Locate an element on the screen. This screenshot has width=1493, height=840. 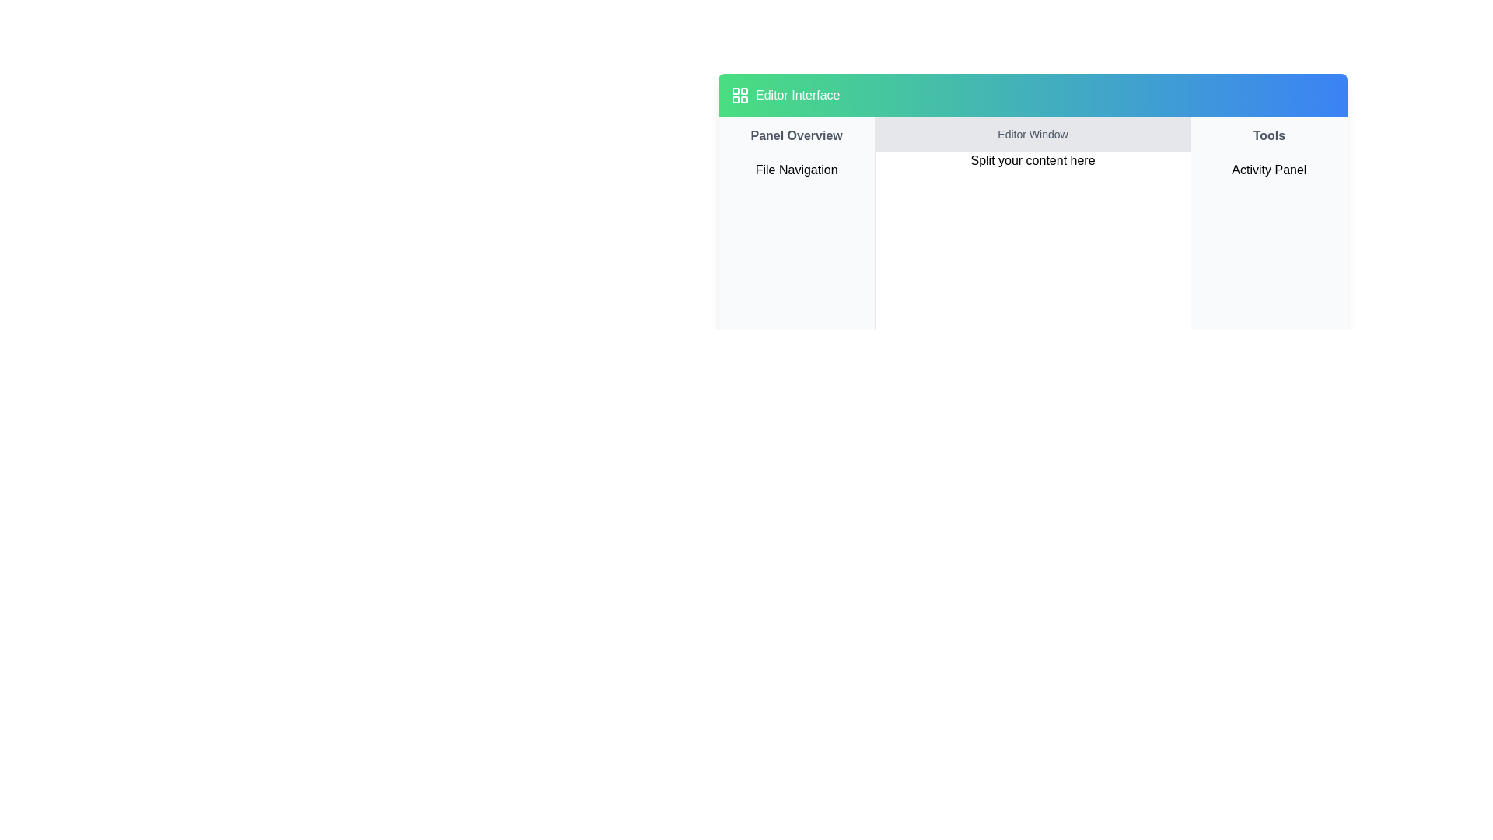
text label that reads 'Tools,' which is styled in gray and bold, located in the top bar of the rightmost panel is located at coordinates (1269, 135).